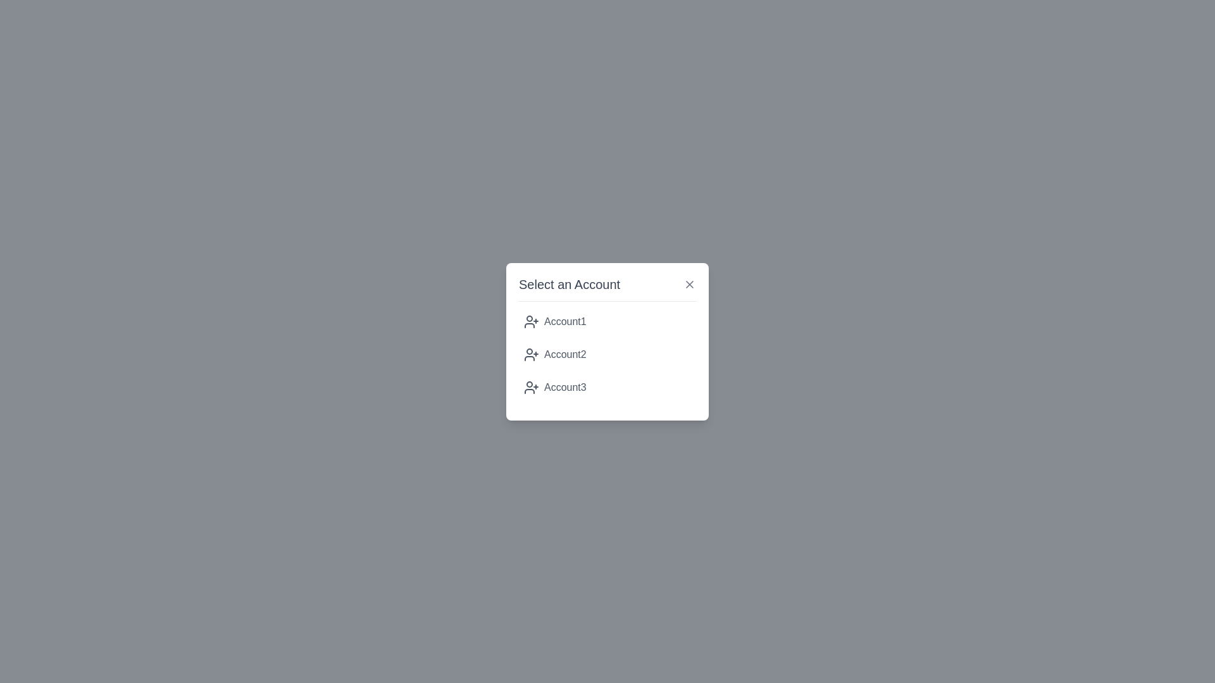  I want to click on the list item corresponding to Account1 to observe the hover effect, so click(607, 321).